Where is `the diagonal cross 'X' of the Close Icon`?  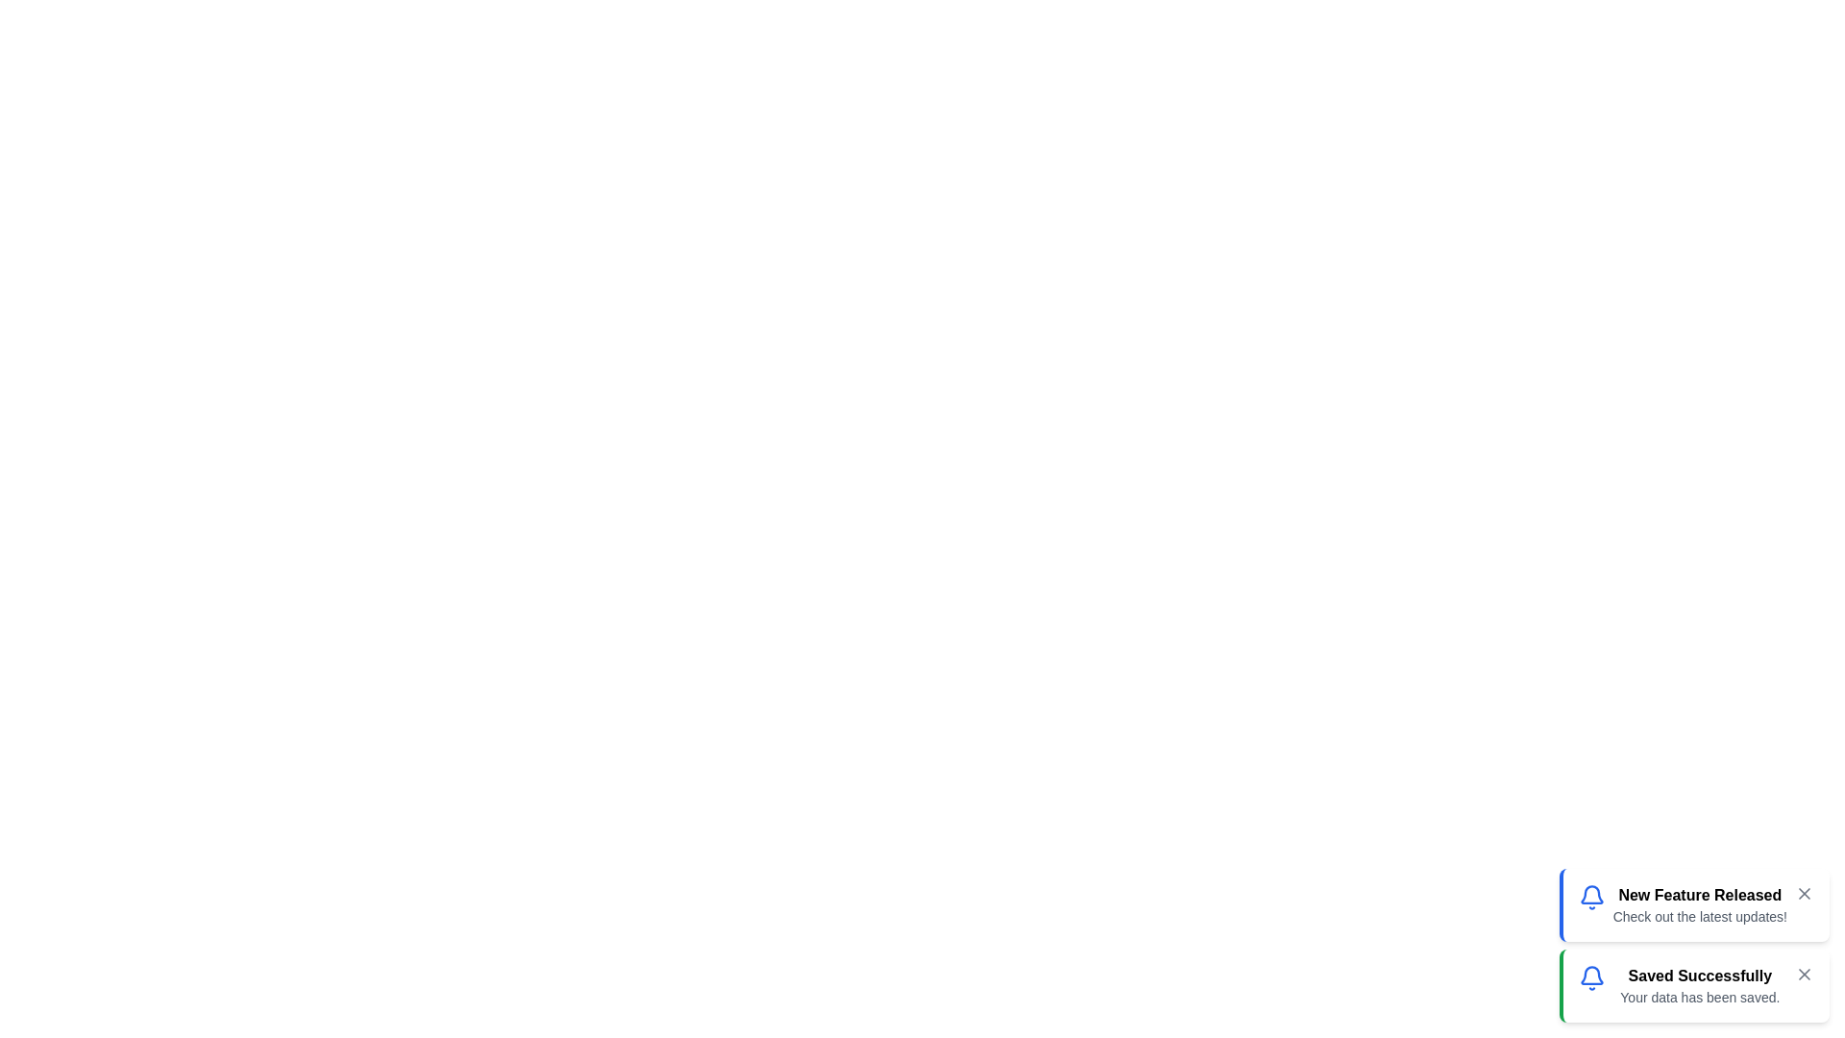 the diagonal cross 'X' of the Close Icon is located at coordinates (1803, 975).